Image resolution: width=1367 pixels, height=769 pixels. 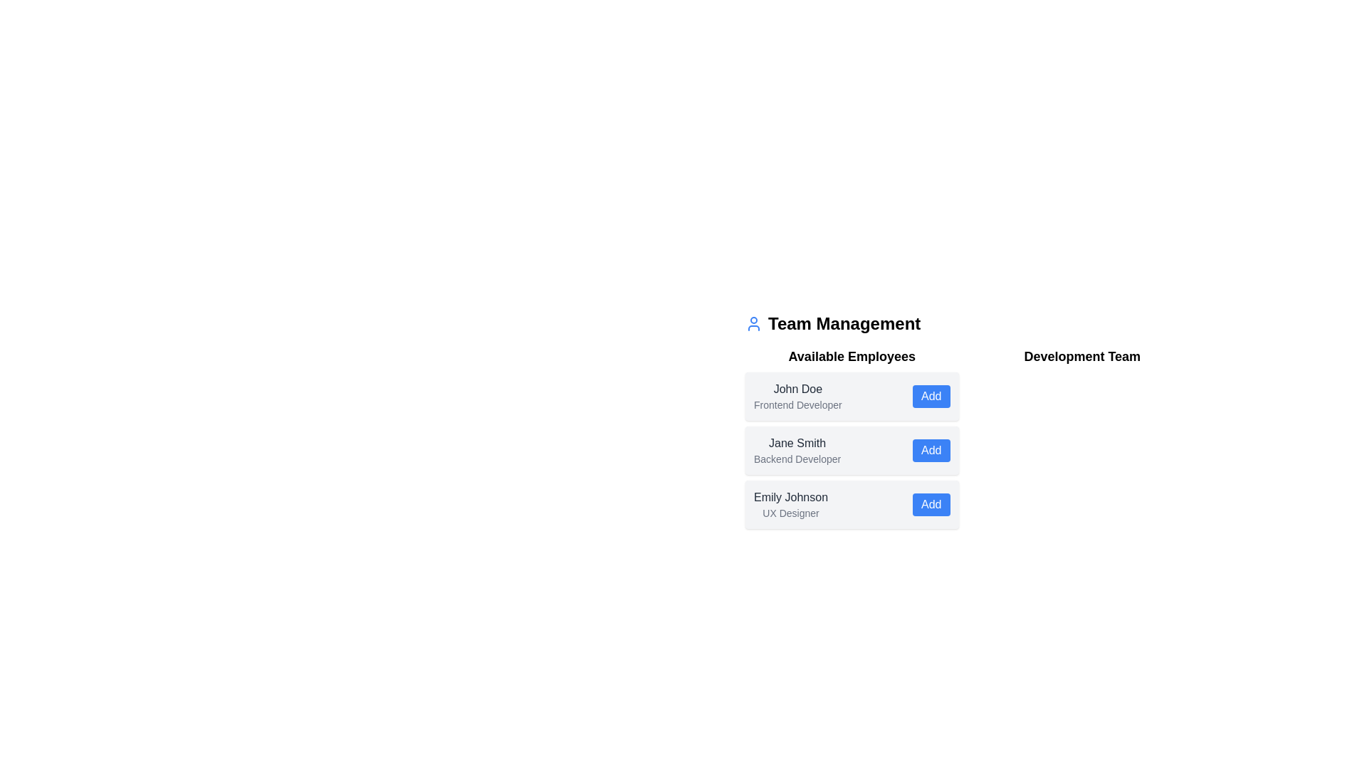 What do you see at coordinates (797, 450) in the screenshot?
I see `the text block displaying 'Jane Smith' and 'Backend Developer', which is the middle item in the employee profiles list under 'Available Employees'` at bounding box center [797, 450].